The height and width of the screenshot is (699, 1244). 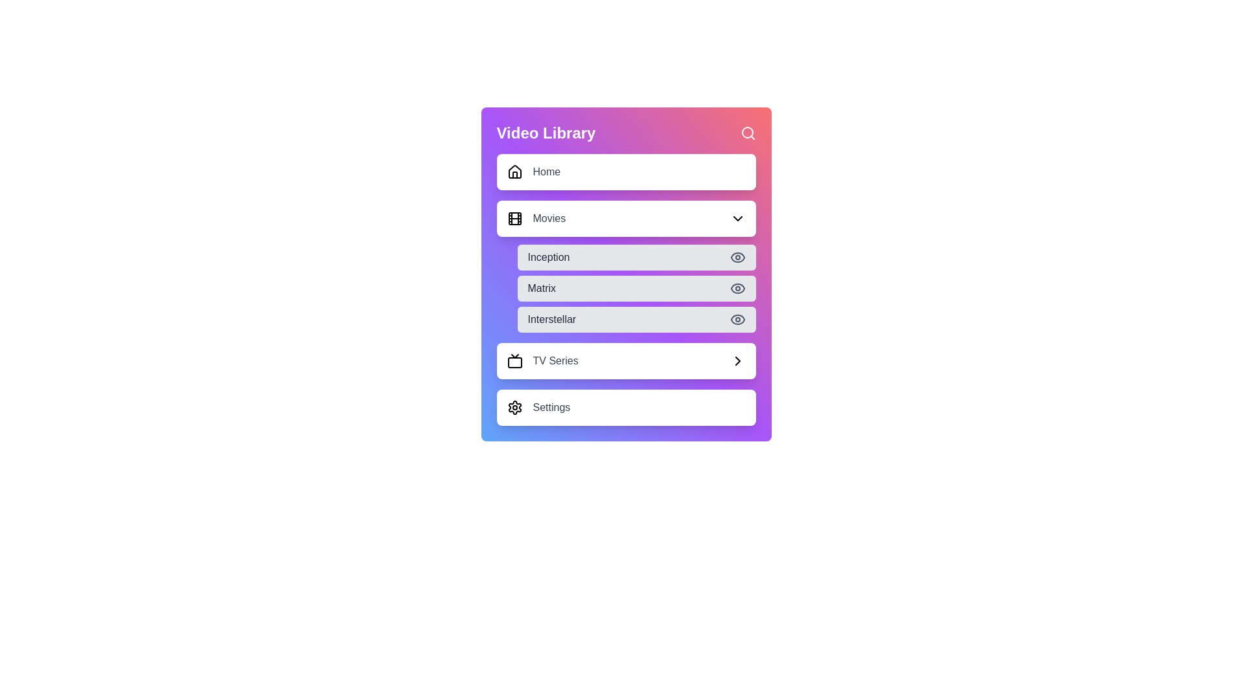 I want to click on the eye-shaped icon associated with the visibility feature located to the right of the 'Matrix' label in the 'Movies' section, so click(x=737, y=319).